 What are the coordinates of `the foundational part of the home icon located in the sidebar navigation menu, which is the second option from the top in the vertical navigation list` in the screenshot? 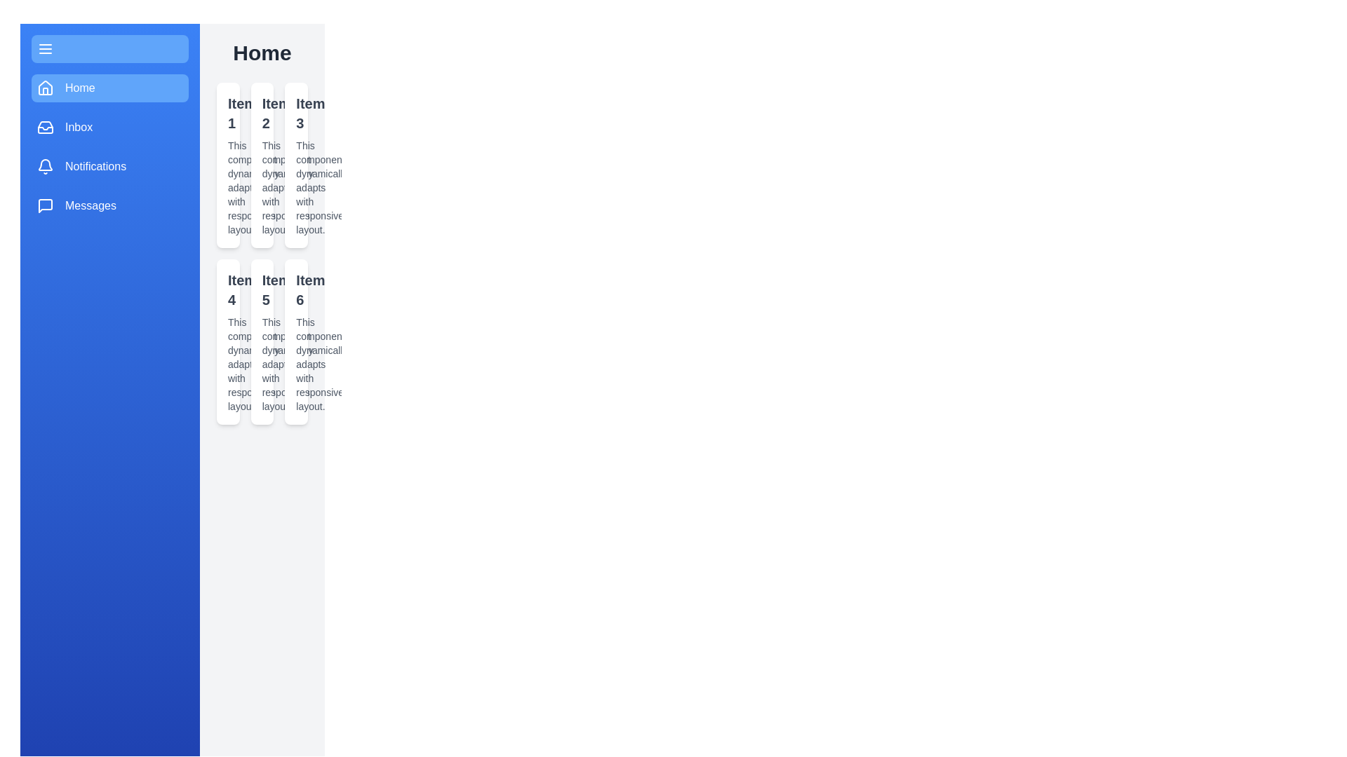 It's located at (46, 91).